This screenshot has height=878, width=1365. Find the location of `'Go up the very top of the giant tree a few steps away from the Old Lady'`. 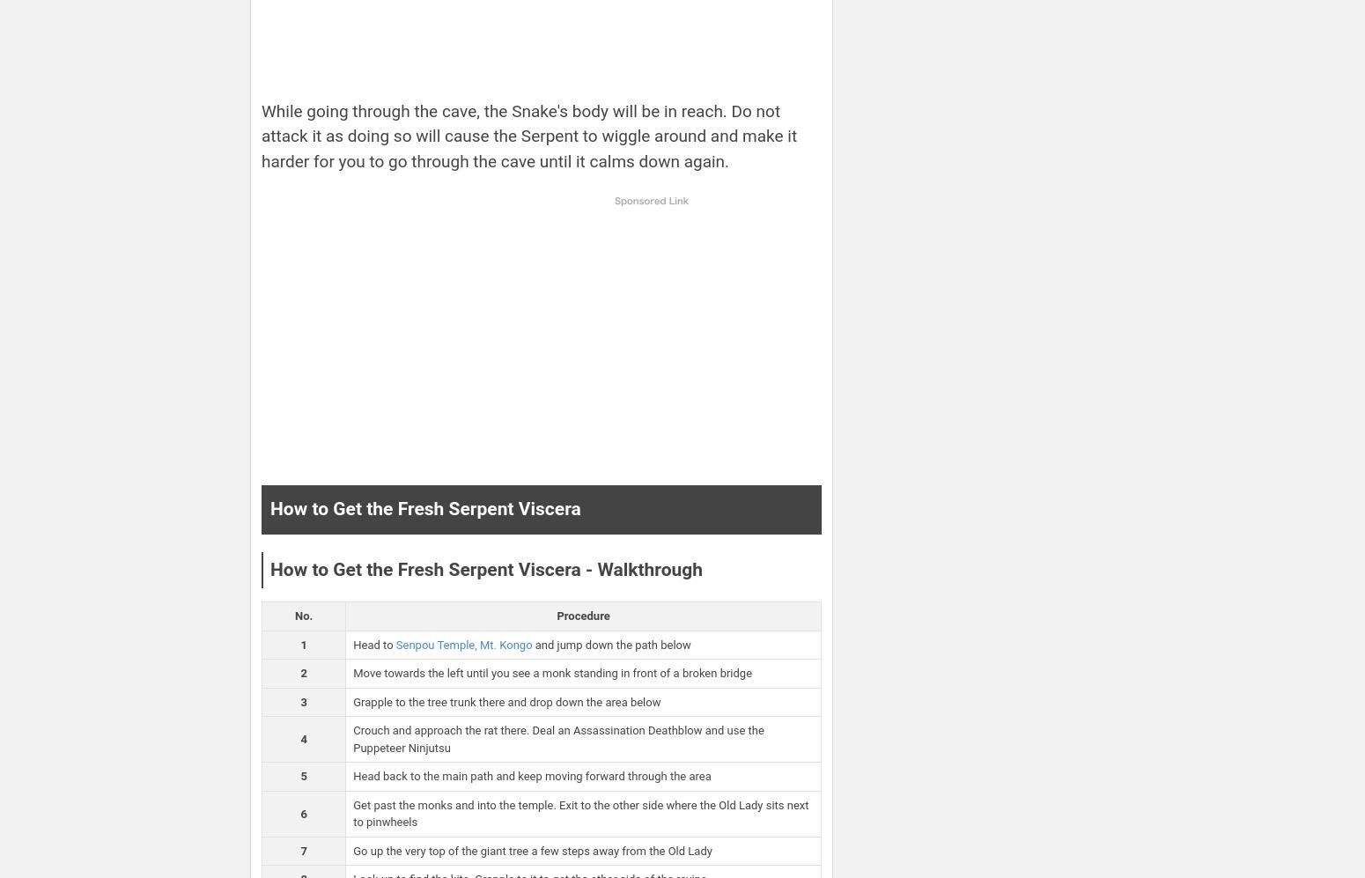

'Go up the very top of the giant tree a few steps away from the Old Lady' is located at coordinates (532, 849).